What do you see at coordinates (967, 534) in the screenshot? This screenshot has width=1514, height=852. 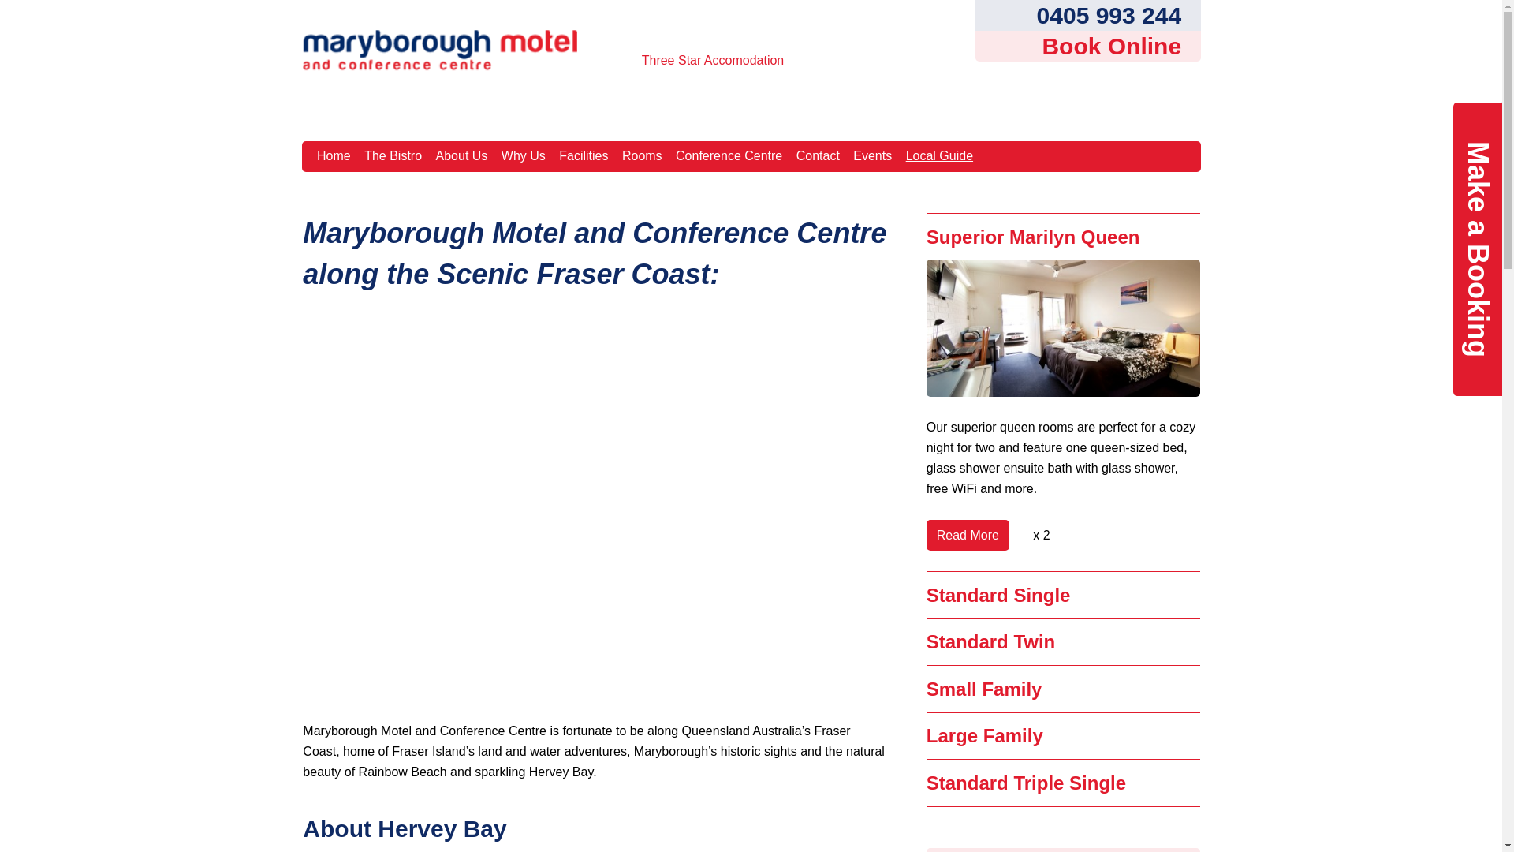 I see `'Read More'` at bounding box center [967, 534].